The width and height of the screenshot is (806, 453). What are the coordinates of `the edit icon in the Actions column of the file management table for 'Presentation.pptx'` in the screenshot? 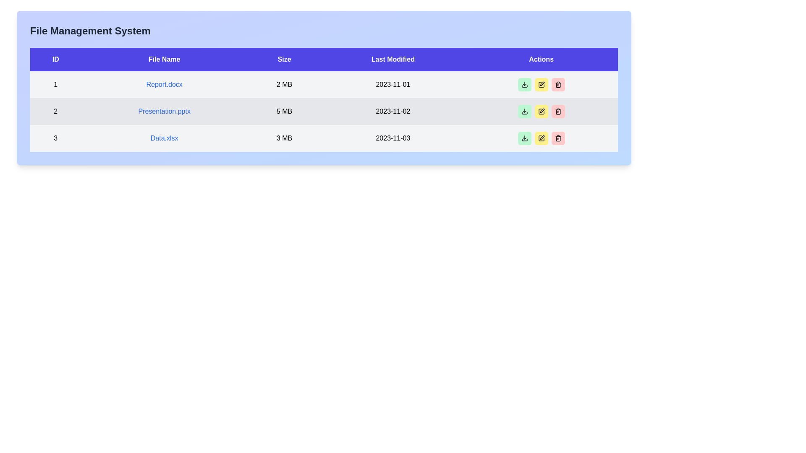 It's located at (541, 84).